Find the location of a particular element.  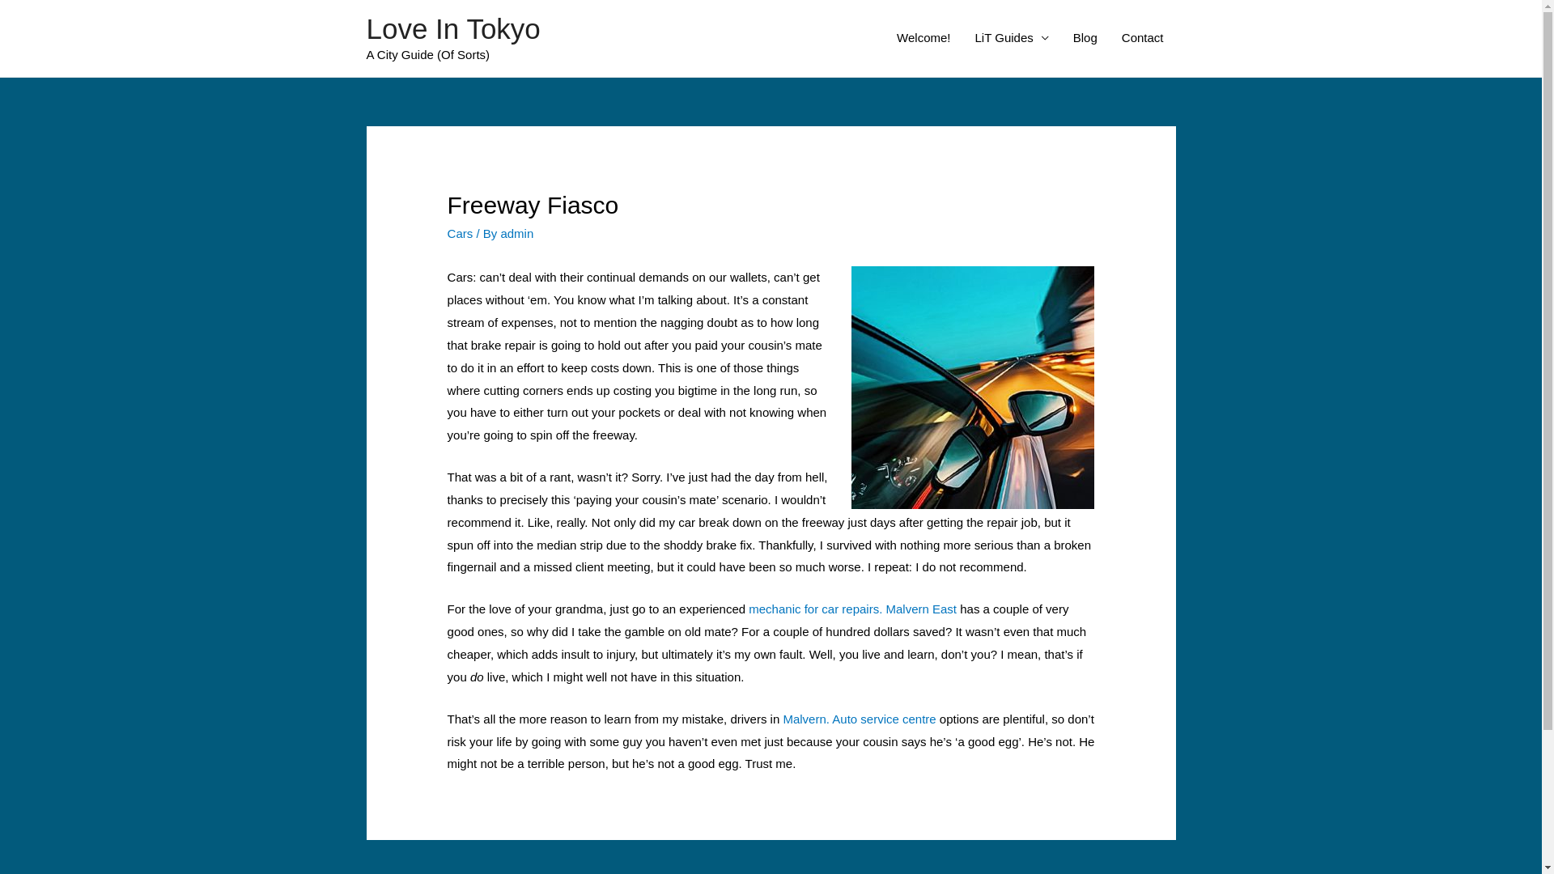

'Malvern. Auto service centre' is located at coordinates (782, 718).